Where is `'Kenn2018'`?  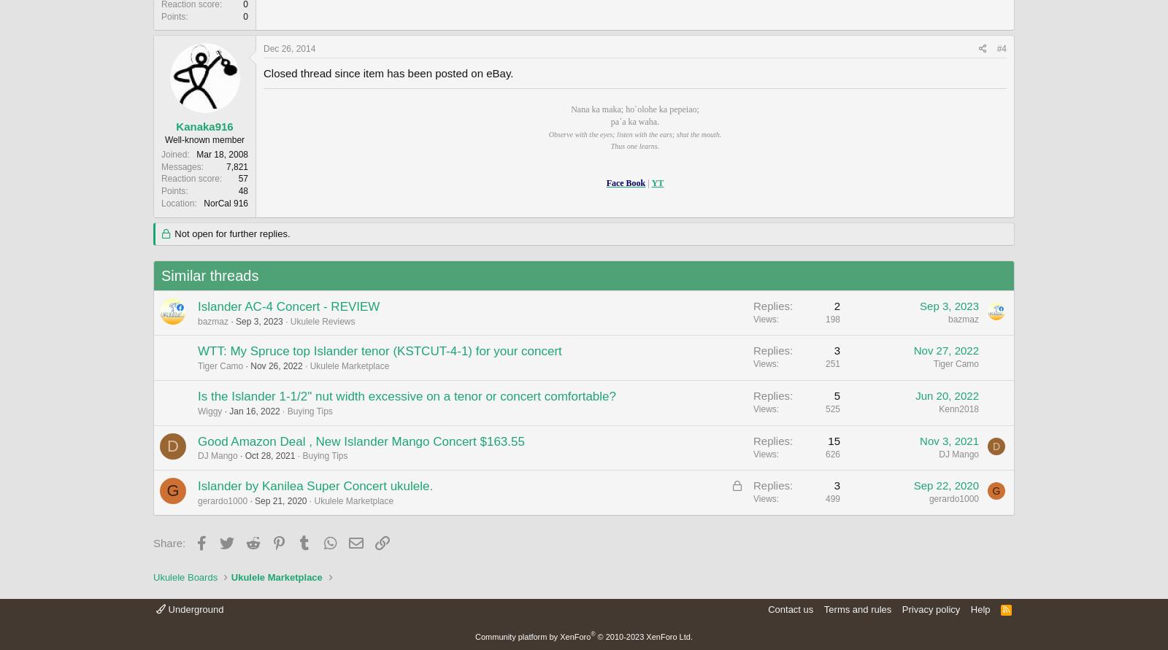
'Kenn2018' is located at coordinates (958, 409).